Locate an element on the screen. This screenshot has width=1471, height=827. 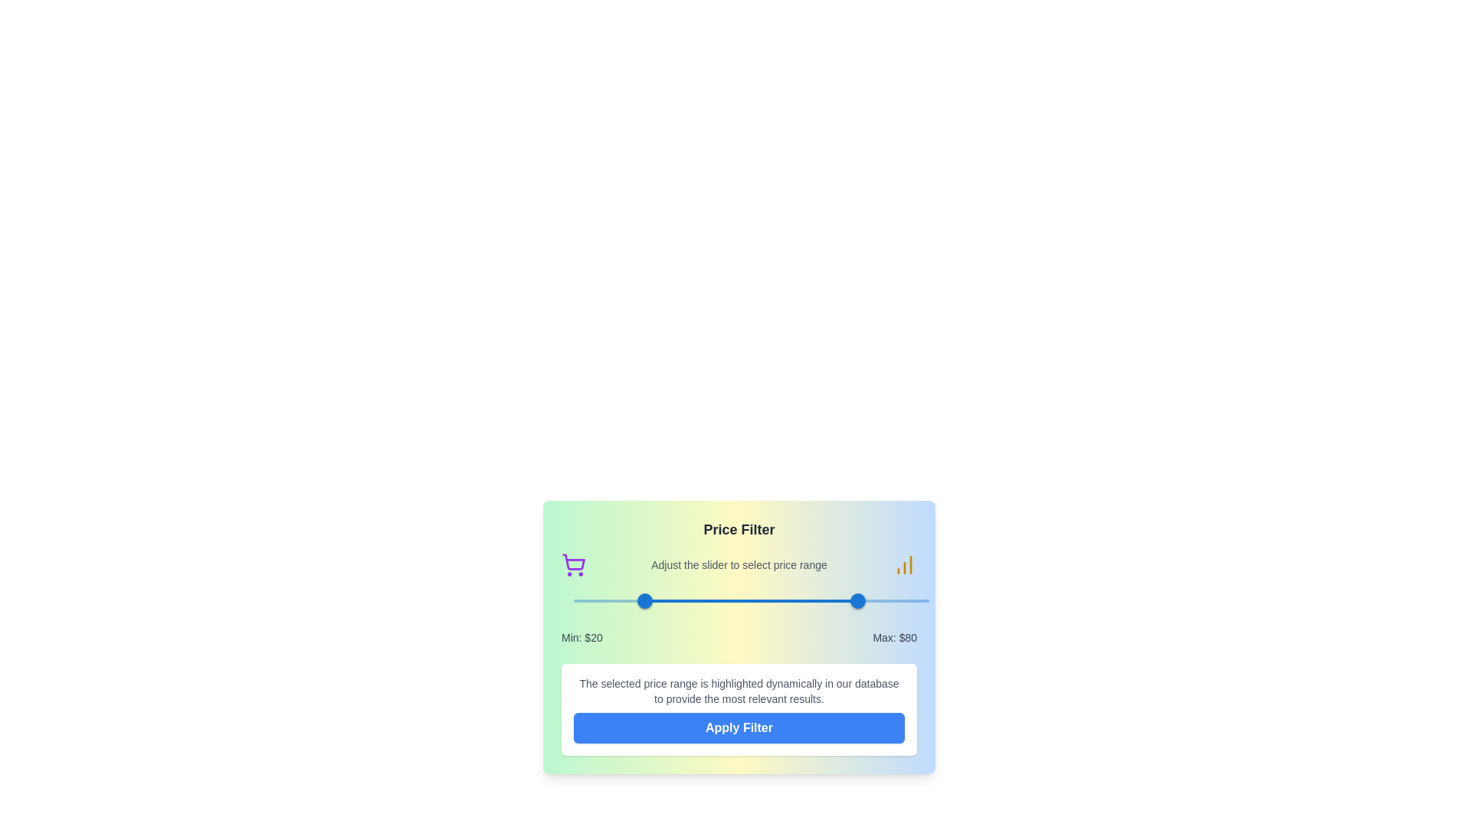
the decorative icons in the instructional text section below the 'Price Filter' header, which includes a shopping cart icon and an increasing bar chart icon is located at coordinates (739, 564).